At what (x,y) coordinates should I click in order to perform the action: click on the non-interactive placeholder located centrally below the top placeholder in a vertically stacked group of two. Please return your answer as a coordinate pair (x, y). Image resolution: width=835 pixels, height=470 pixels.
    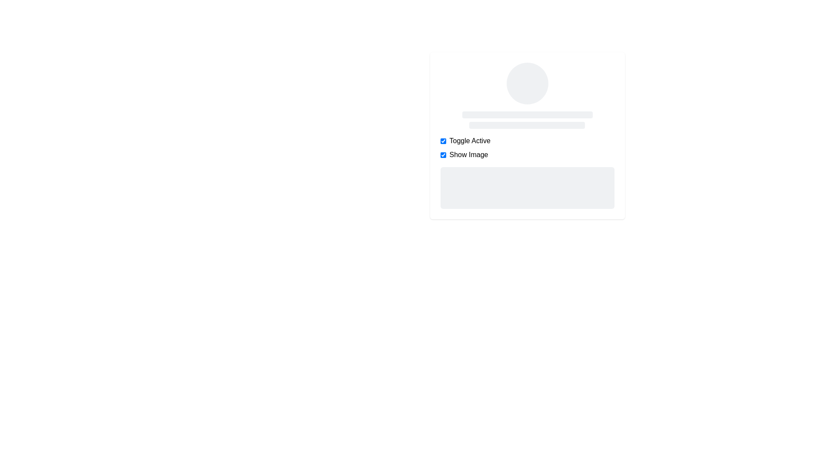
    Looking at the image, I should click on (527, 125).